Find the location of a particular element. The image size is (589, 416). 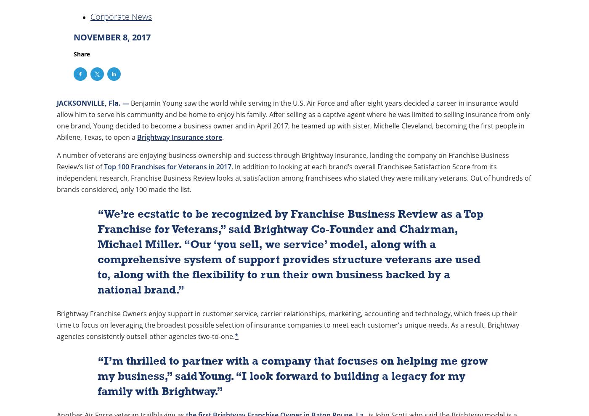

'Share' is located at coordinates (82, 53).